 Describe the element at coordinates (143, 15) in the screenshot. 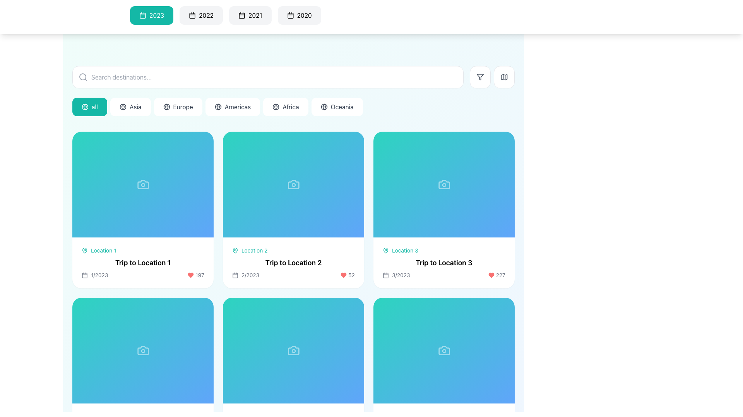

I see `the calendar icon element located in the top bar of the interface, which visually depicts date-related actions` at that location.